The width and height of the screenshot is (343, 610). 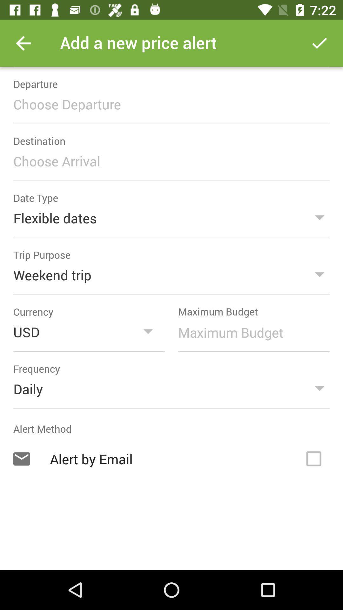 I want to click on item to the left of the add a new item, so click(x=23, y=43).